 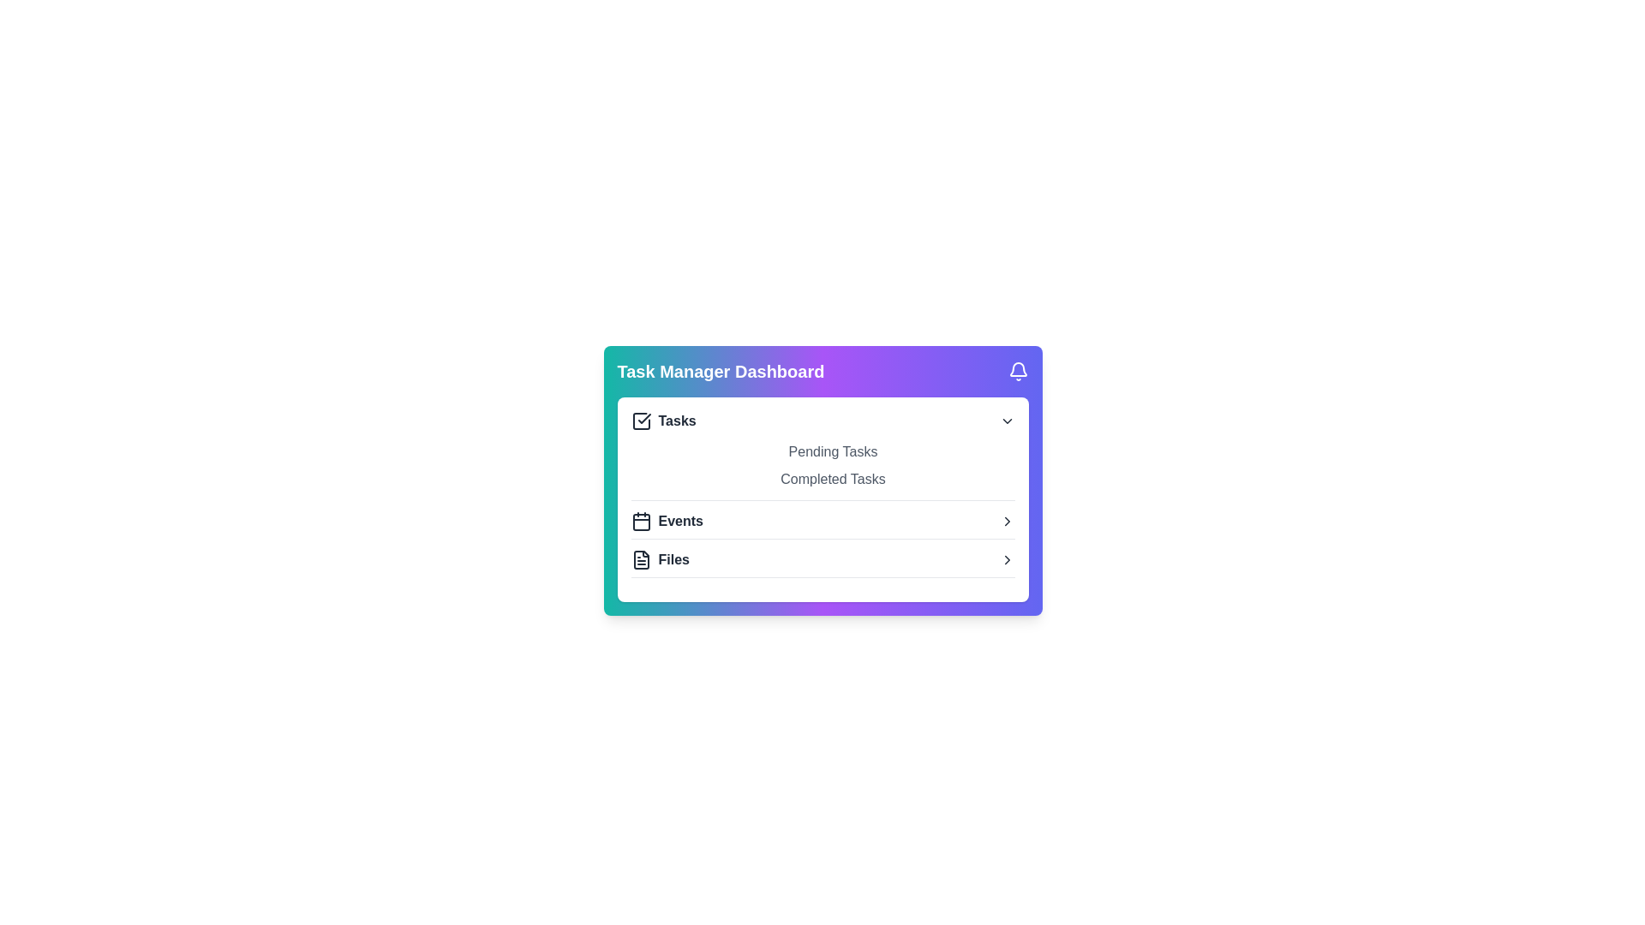 What do you see at coordinates (640, 560) in the screenshot?
I see `the 'Files' icon located in the third list item row of the dashboard, which visually represents the topic of 'Files' and is positioned to the left of the text 'Files'` at bounding box center [640, 560].